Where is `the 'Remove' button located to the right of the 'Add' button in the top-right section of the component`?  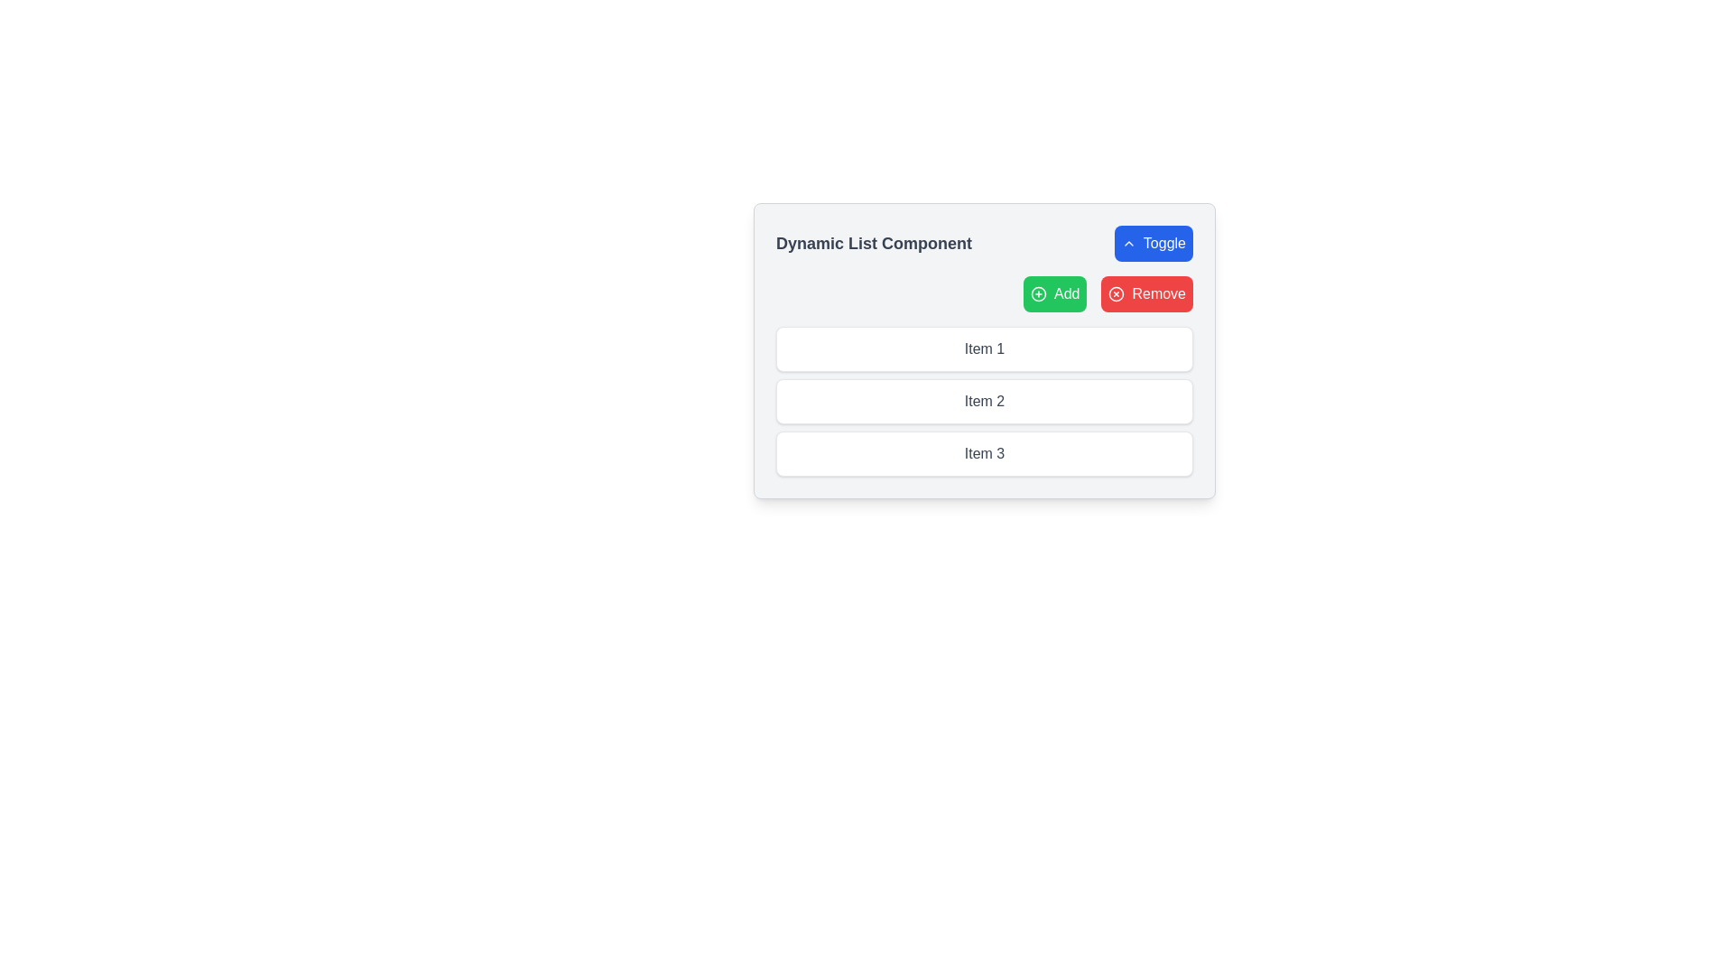
the 'Remove' button located to the right of the 'Add' button in the top-right section of the component is located at coordinates (1146, 293).